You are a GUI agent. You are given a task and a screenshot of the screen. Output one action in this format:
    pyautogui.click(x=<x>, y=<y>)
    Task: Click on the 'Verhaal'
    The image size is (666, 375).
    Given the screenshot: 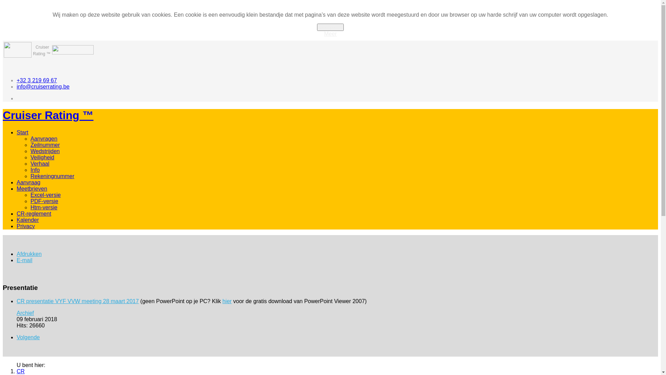 What is the action you would take?
    pyautogui.click(x=40, y=164)
    